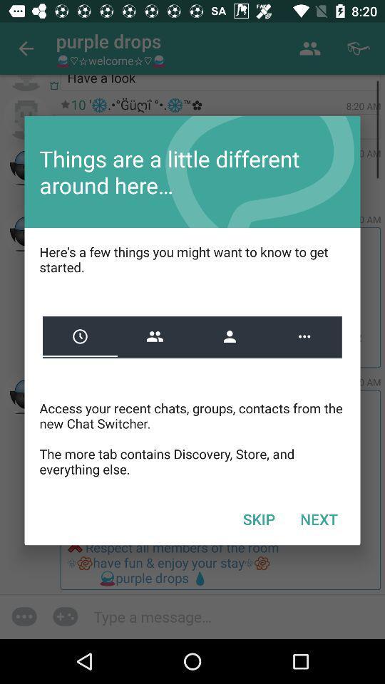  What do you see at coordinates (319, 518) in the screenshot?
I see `next item` at bounding box center [319, 518].